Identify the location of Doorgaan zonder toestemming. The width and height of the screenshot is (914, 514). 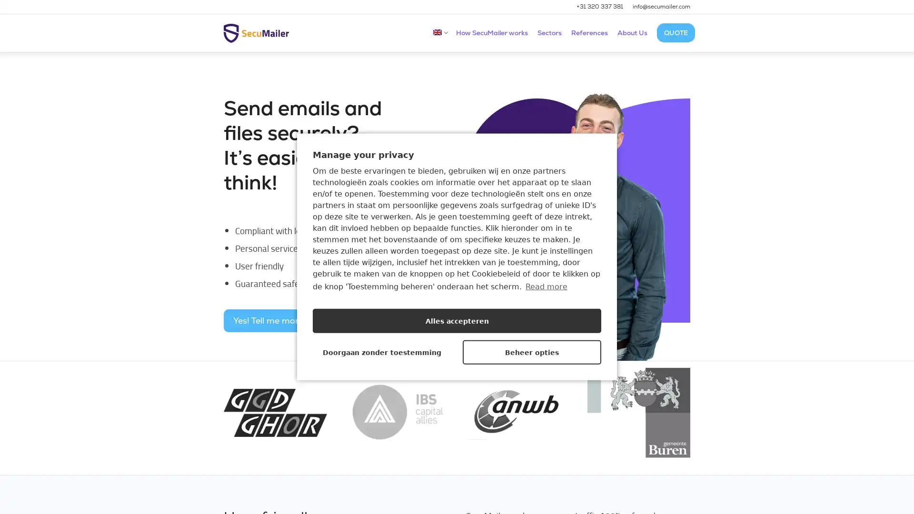
(382, 352).